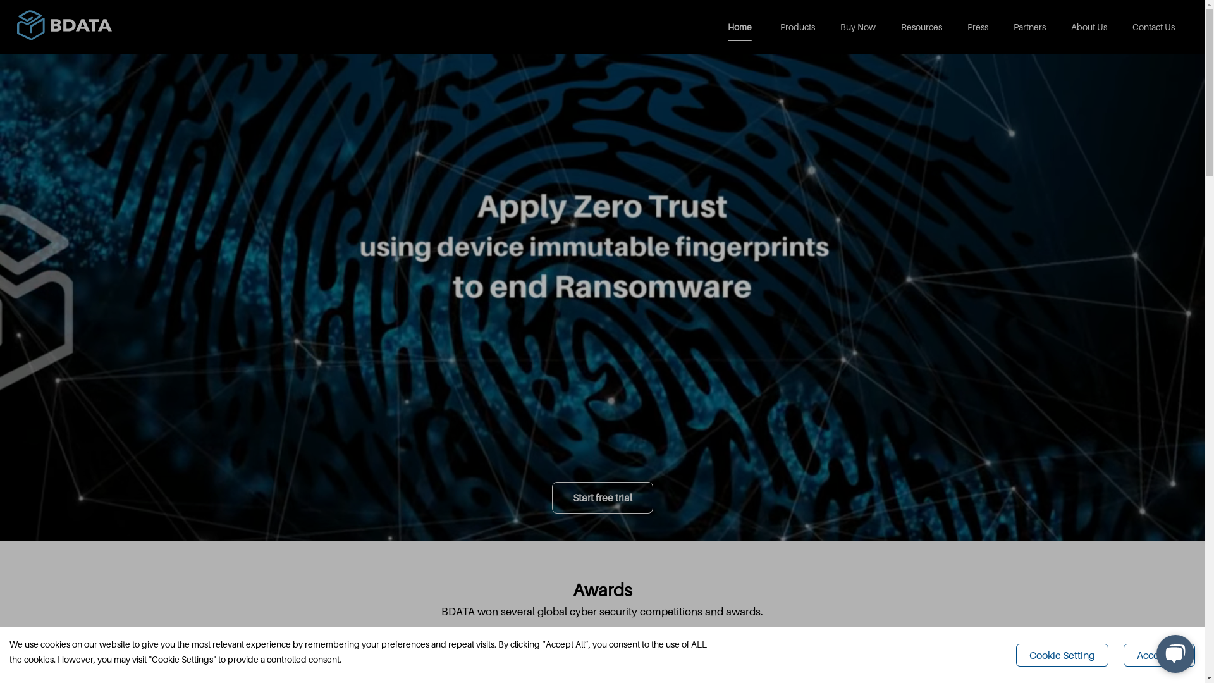  Describe the element at coordinates (1088, 27) in the screenshot. I see `'About Us'` at that location.